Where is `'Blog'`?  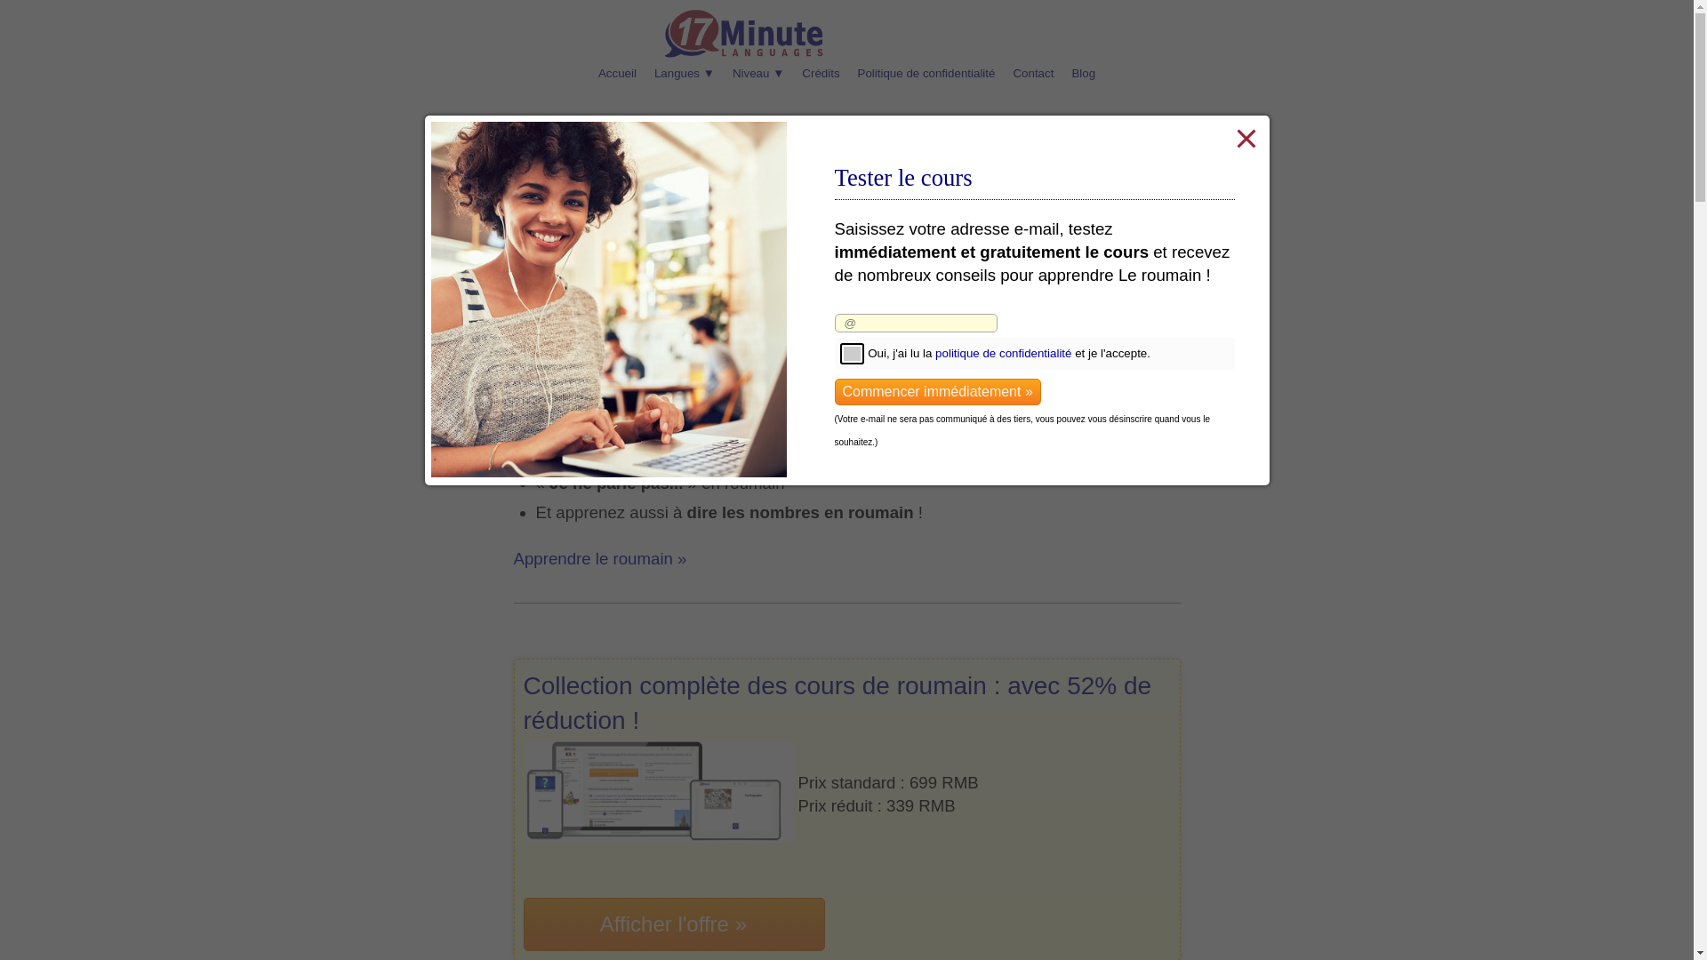
'Blog' is located at coordinates (1062, 73).